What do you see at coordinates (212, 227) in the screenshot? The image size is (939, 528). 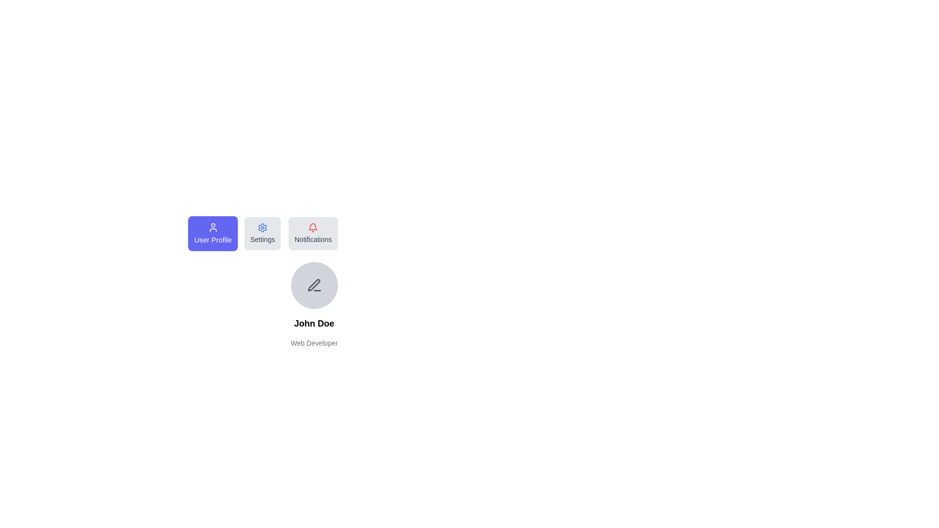 I see `the visual feedback of the user profile icon located within the 'User Profile' button, which is positioned at the top-left of the interface` at bounding box center [212, 227].